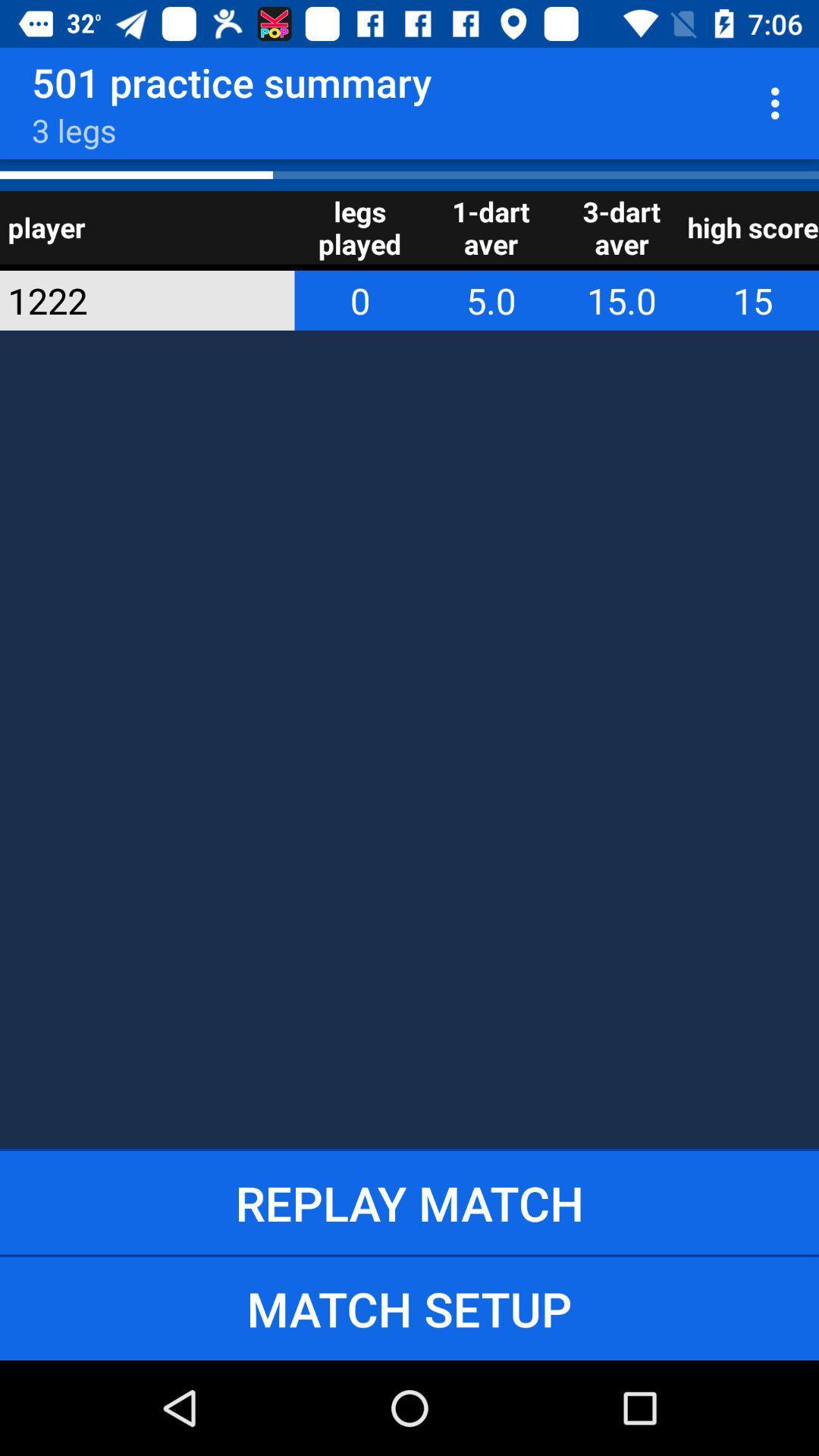  I want to click on the 1222 item, so click(126, 300).